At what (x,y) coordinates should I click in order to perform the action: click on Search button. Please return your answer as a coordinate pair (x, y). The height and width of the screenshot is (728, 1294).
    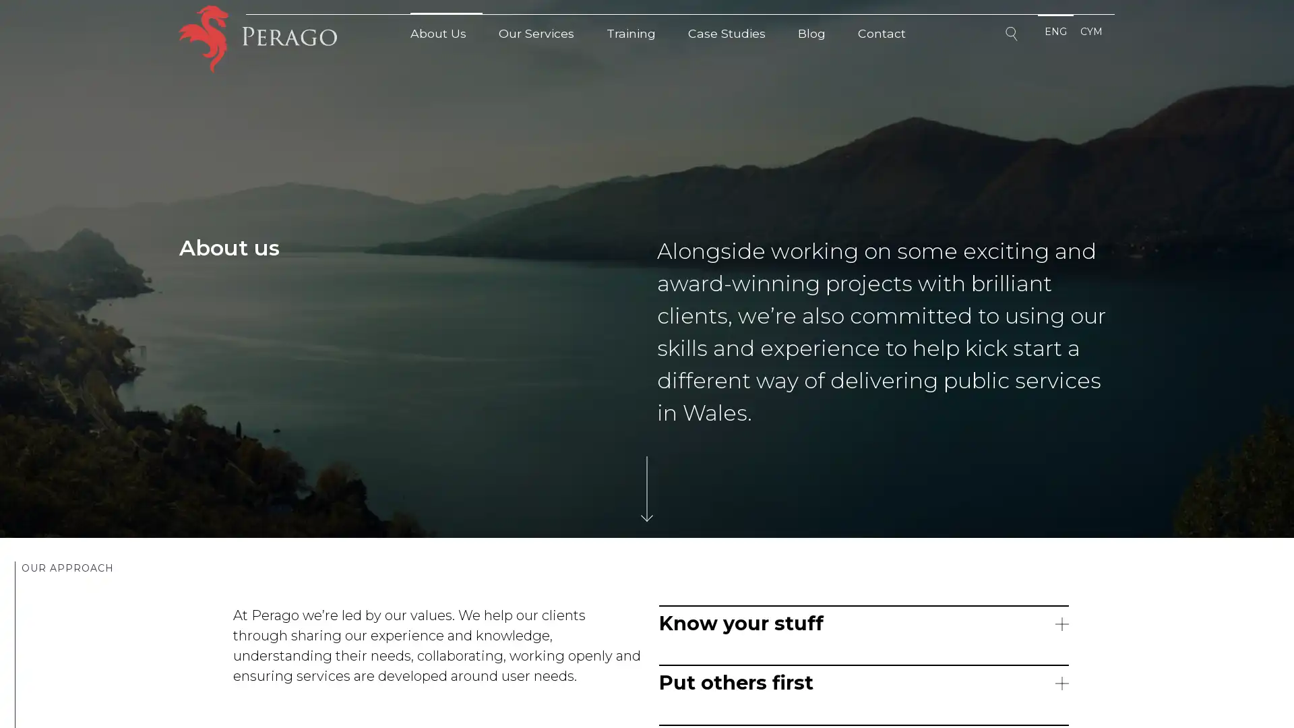
    Looking at the image, I should click on (1013, 36).